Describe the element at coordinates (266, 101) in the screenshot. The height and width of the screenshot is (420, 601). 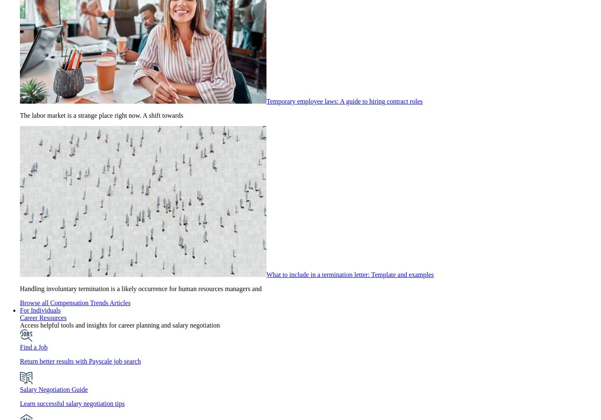
I see `'Temporary employee laws: A guide to hiring contract roles'` at that location.